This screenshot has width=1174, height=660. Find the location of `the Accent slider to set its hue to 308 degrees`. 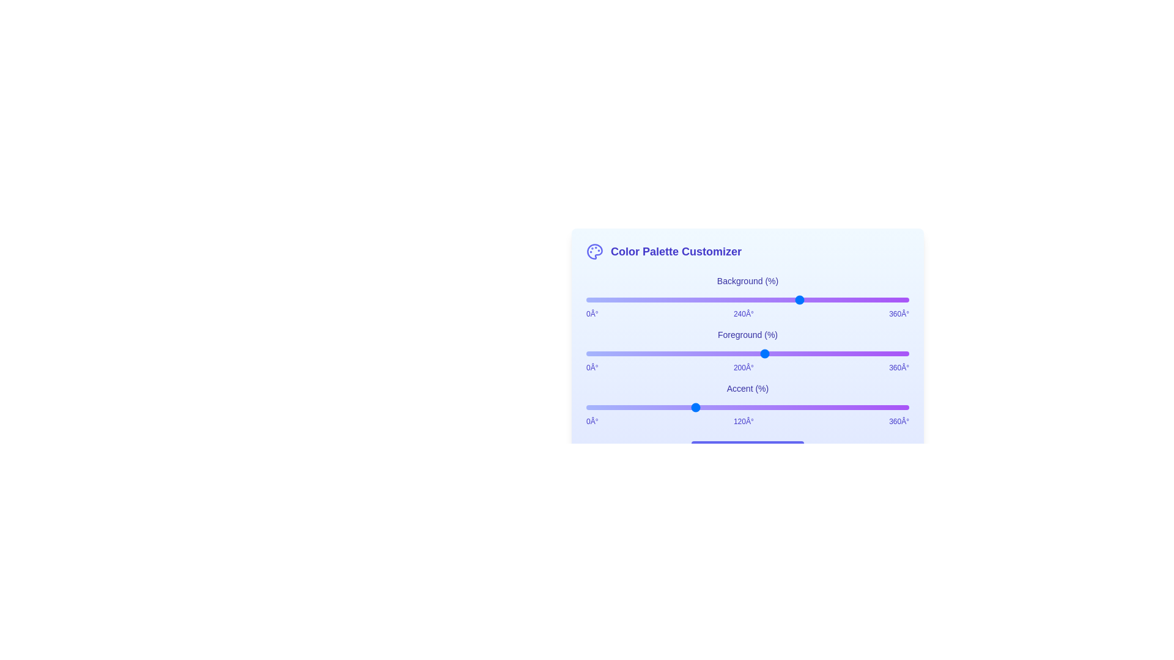

the Accent slider to set its hue to 308 degrees is located at coordinates (862, 408).